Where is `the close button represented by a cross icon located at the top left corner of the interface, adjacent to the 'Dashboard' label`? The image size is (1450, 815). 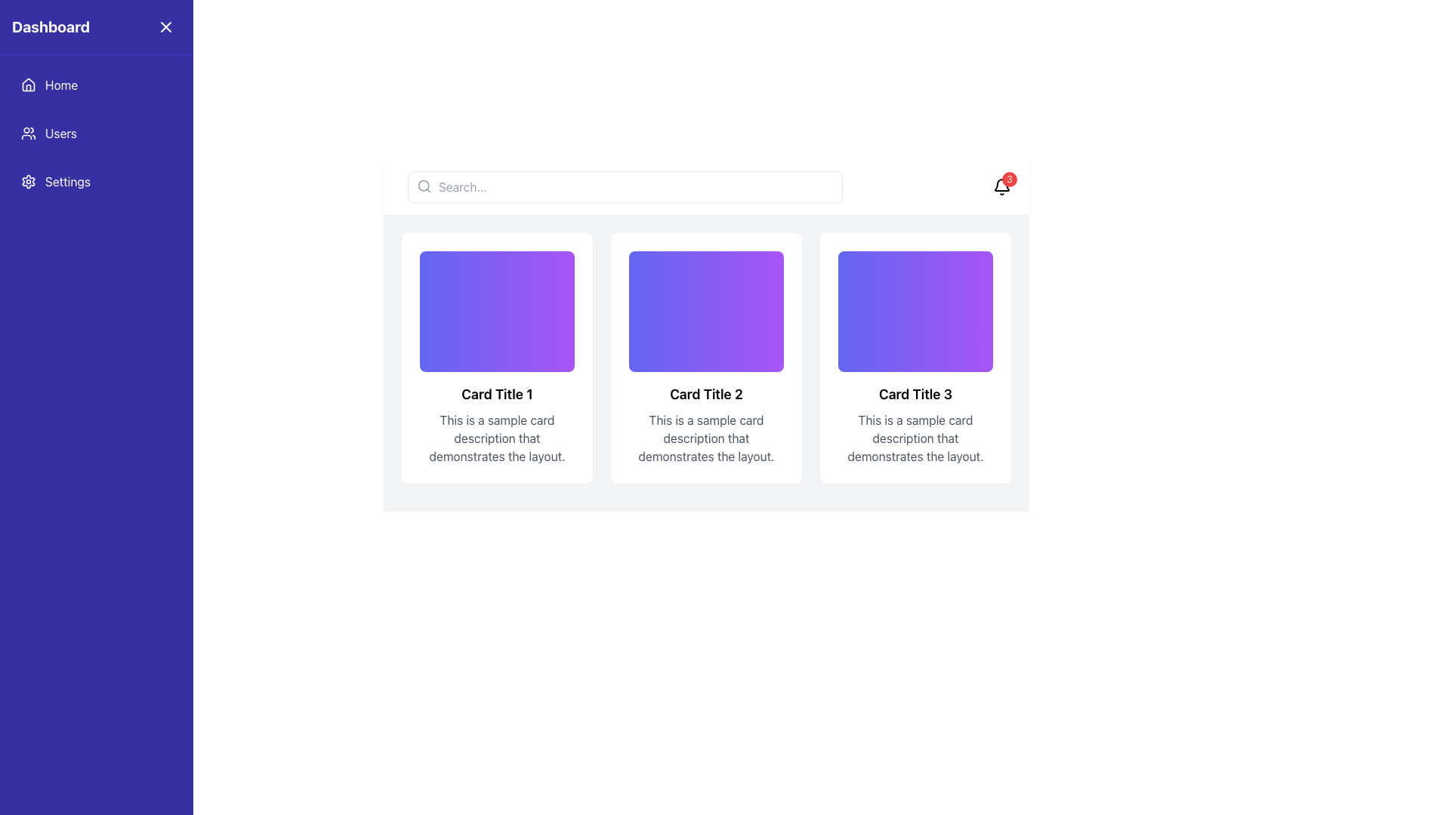
the close button represented by a cross icon located at the top left corner of the interface, adjacent to the 'Dashboard' label is located at coordinates (166, 26).